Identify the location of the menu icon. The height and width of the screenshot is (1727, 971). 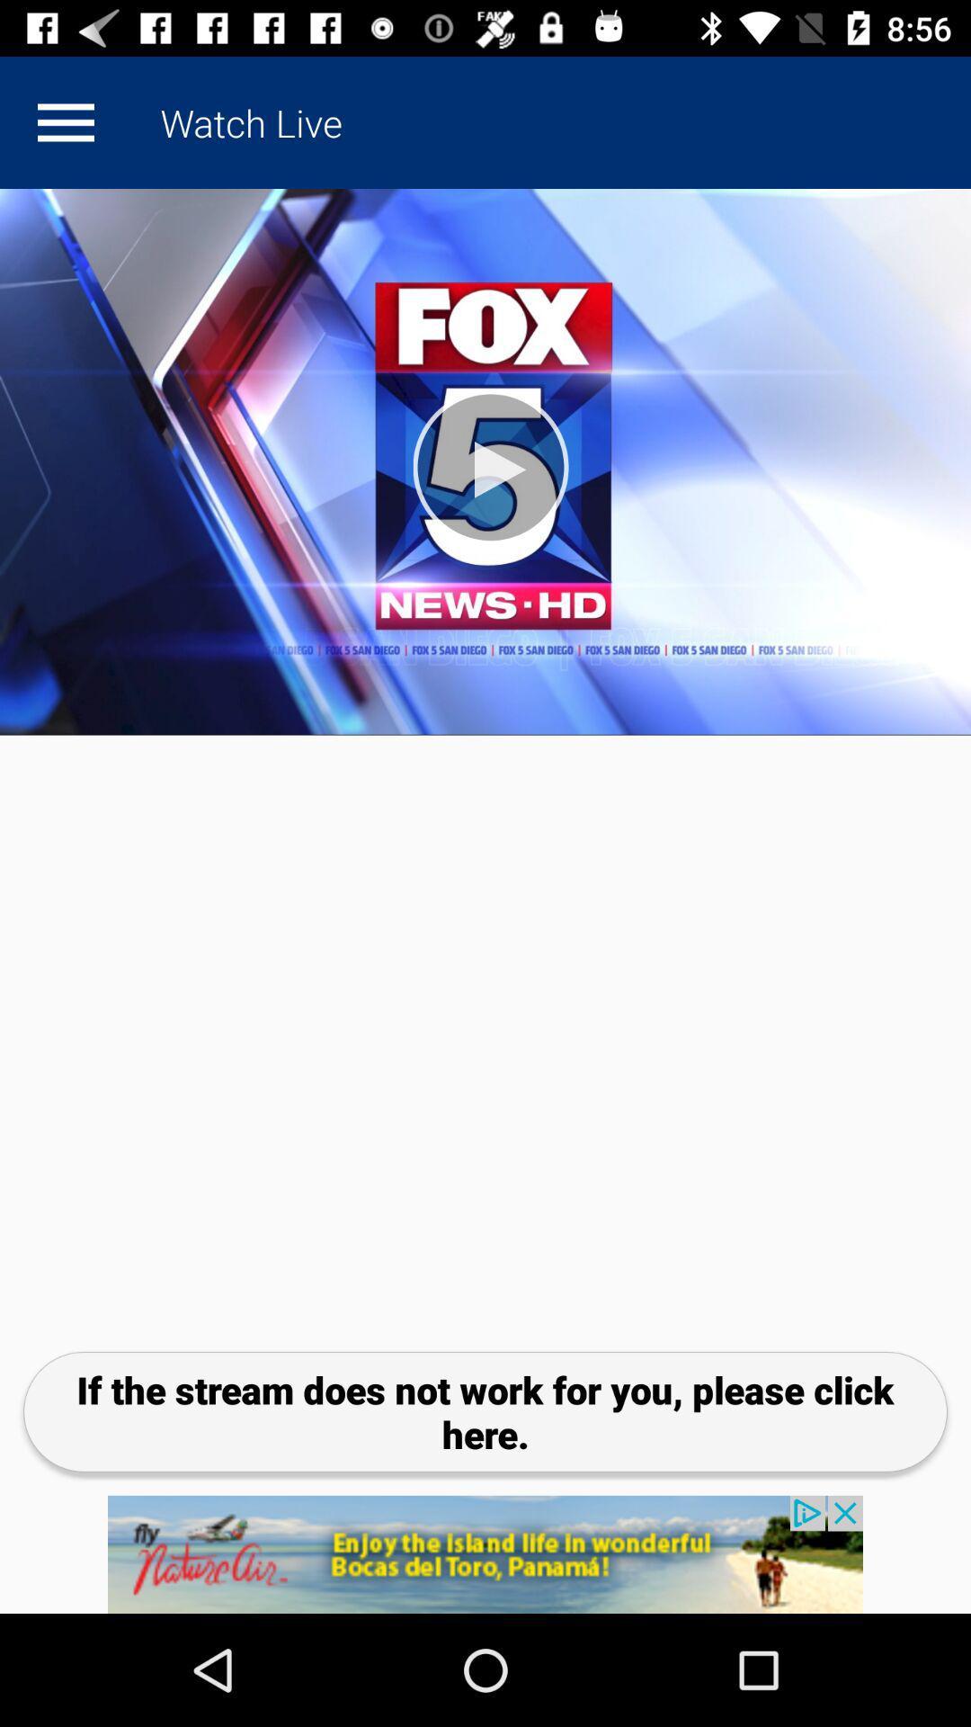
(65, 121).